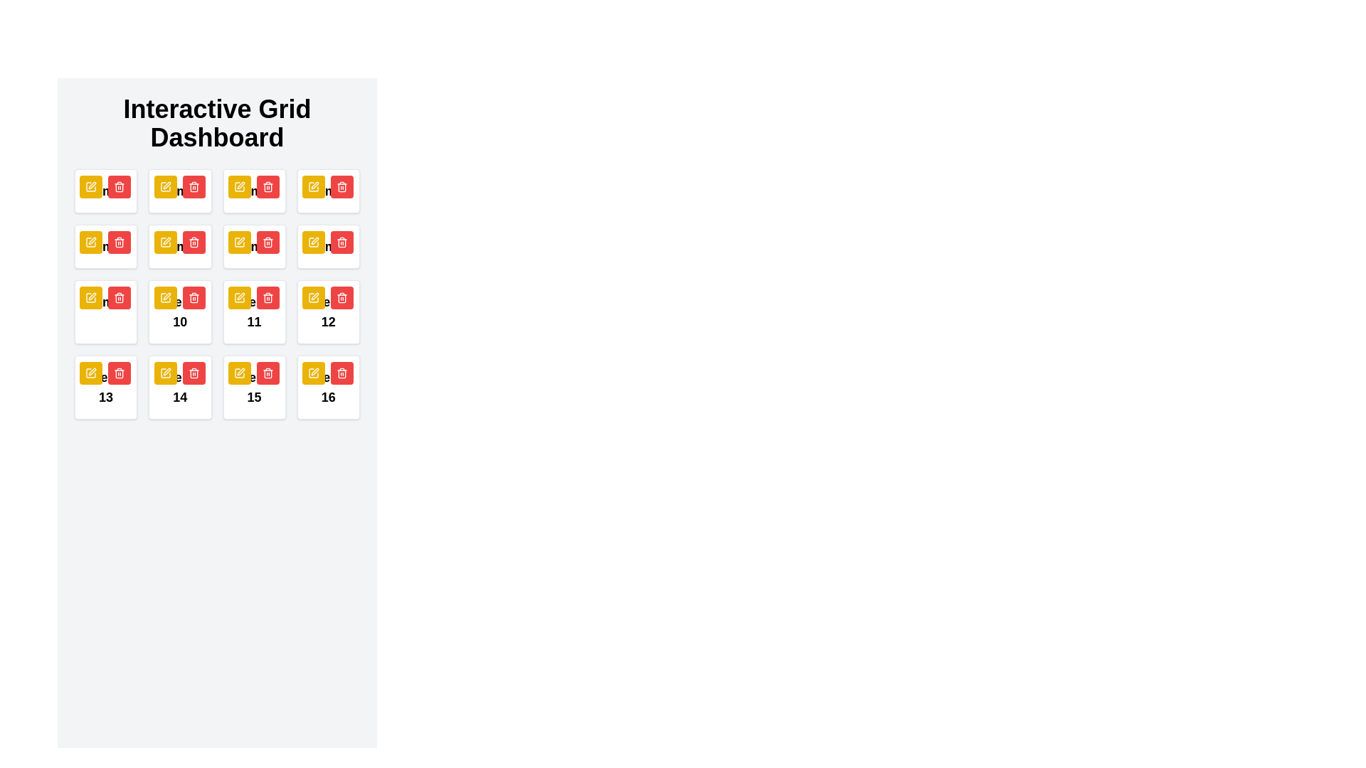 This screenshot has height=768, width=1366. I want to click on the yellow edit button with a pen icon, so click(313, 186).